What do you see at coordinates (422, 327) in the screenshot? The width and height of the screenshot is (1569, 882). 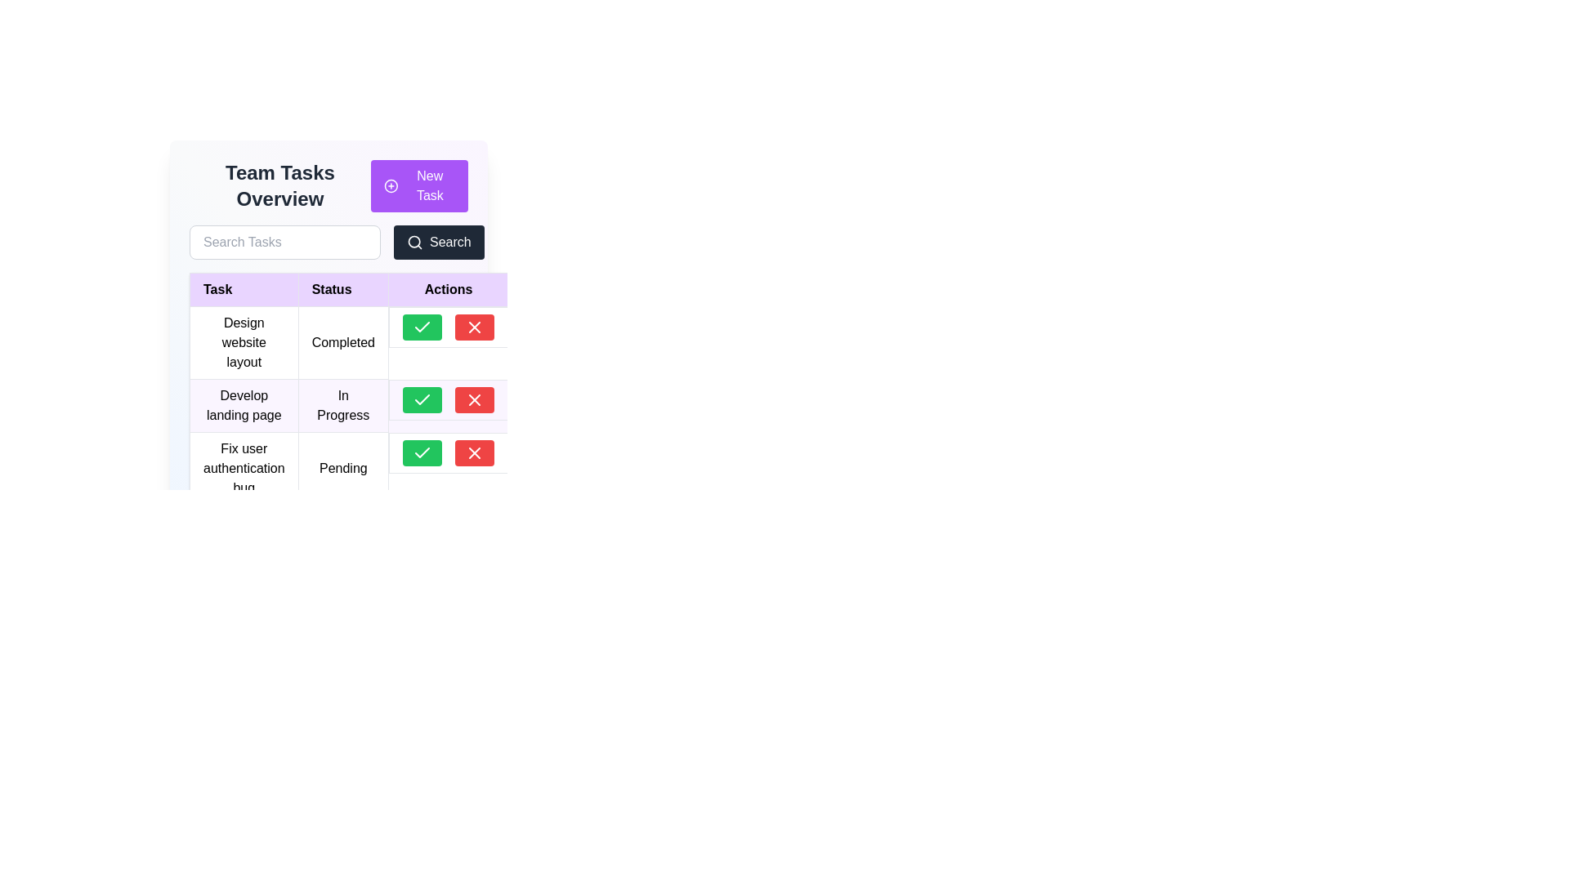 I see `the button in the 'Actions' column of the first row to confirm or mark the 'Design website layout' task as completed` at bounding box center [422, 327].